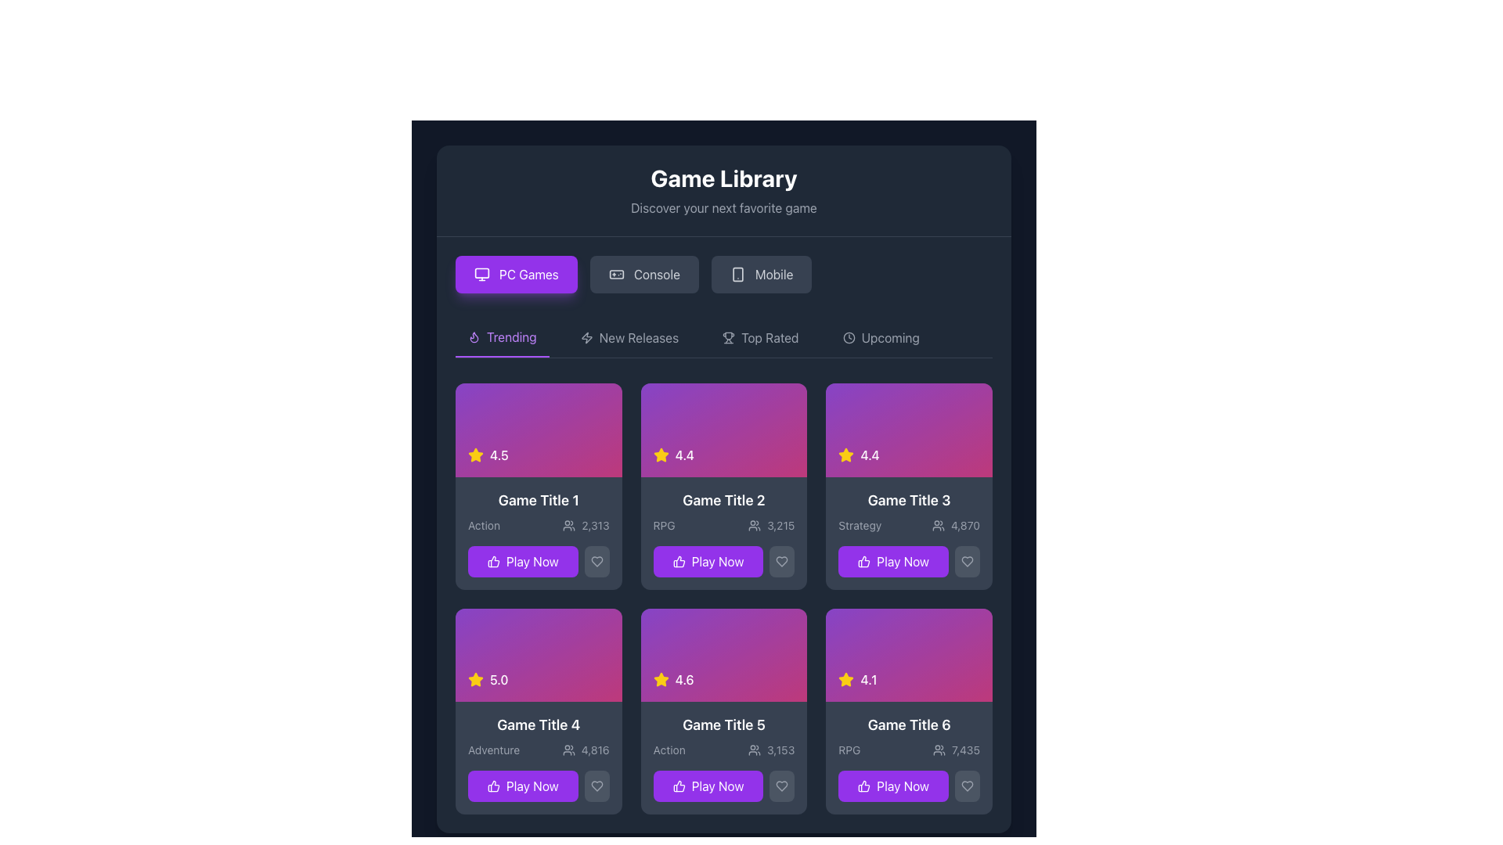 The image size is (1503, 845). Describe the element at coordinates (723, 337) in the screenshot. I see `the 'Top Rated' navigational tab element, which is the third option in a horizontal menu located below the main category buttons in the 'Game Library' interface` at that location.